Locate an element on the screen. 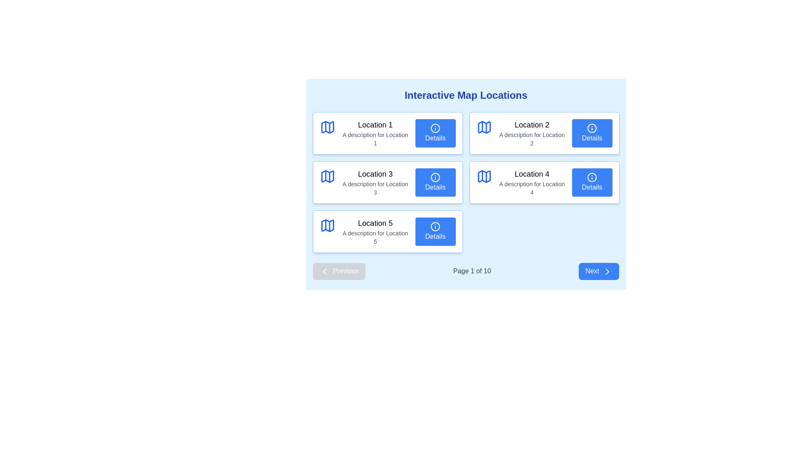 The height and width of the screenshot is (450, 800). the 'Previous' button, which is a rounded rectangle with a blue background and white text, located at the bottom-left corner of the pagination bar is located at coordinates (339, 271).